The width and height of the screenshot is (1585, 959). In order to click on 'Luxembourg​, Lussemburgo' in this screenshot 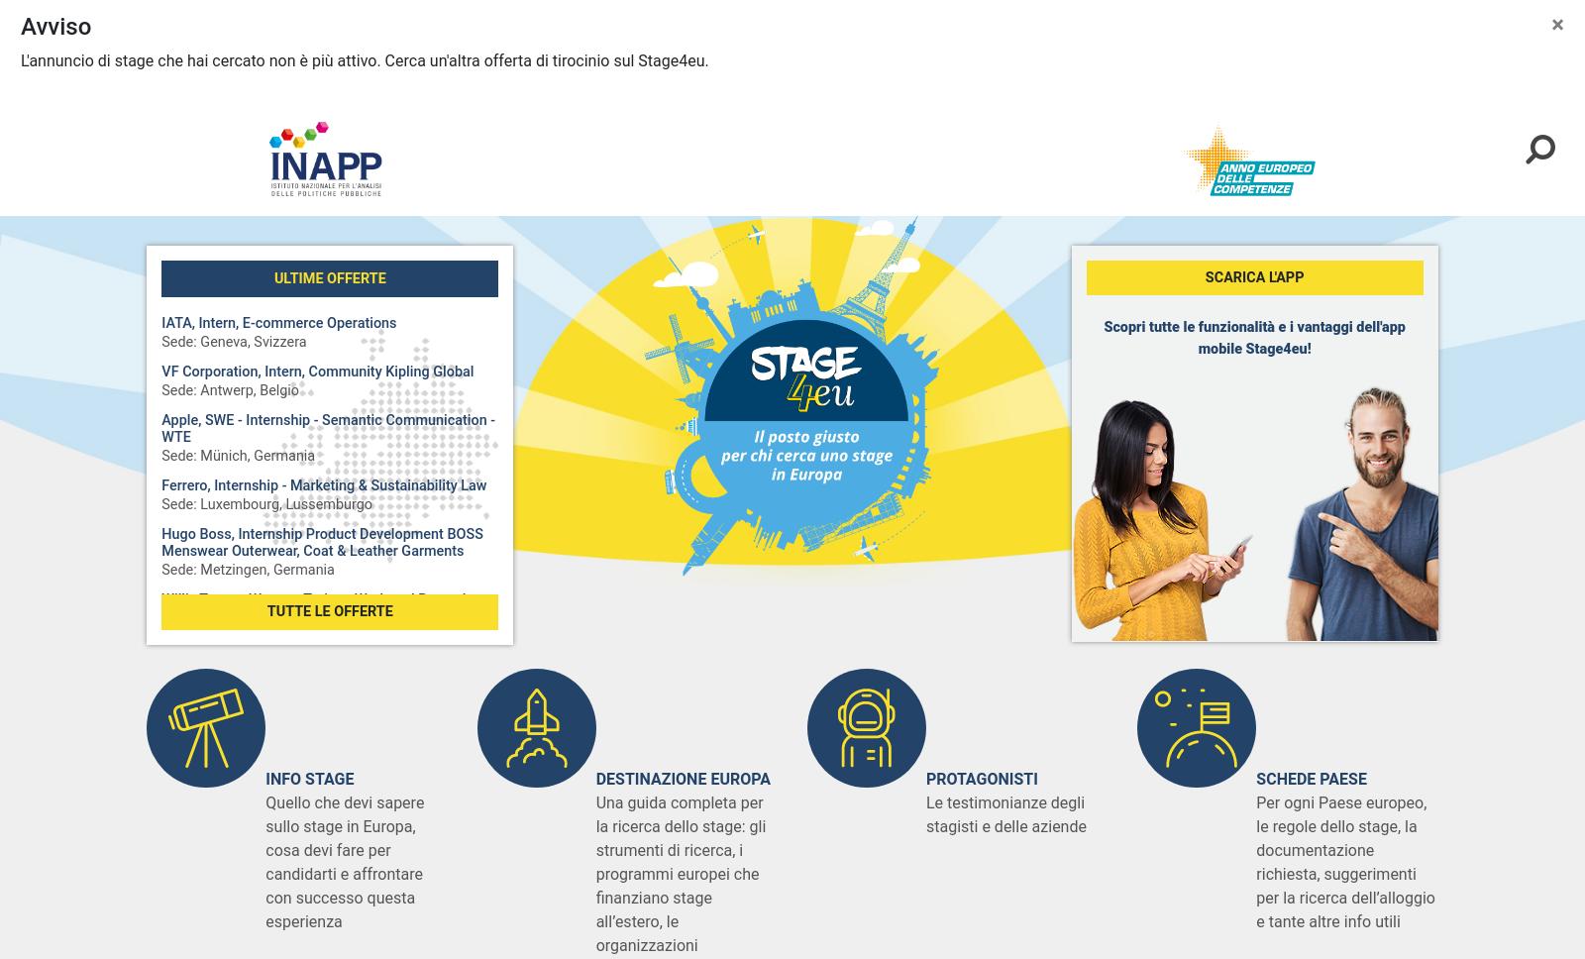, I will do `click(285, 441)`.